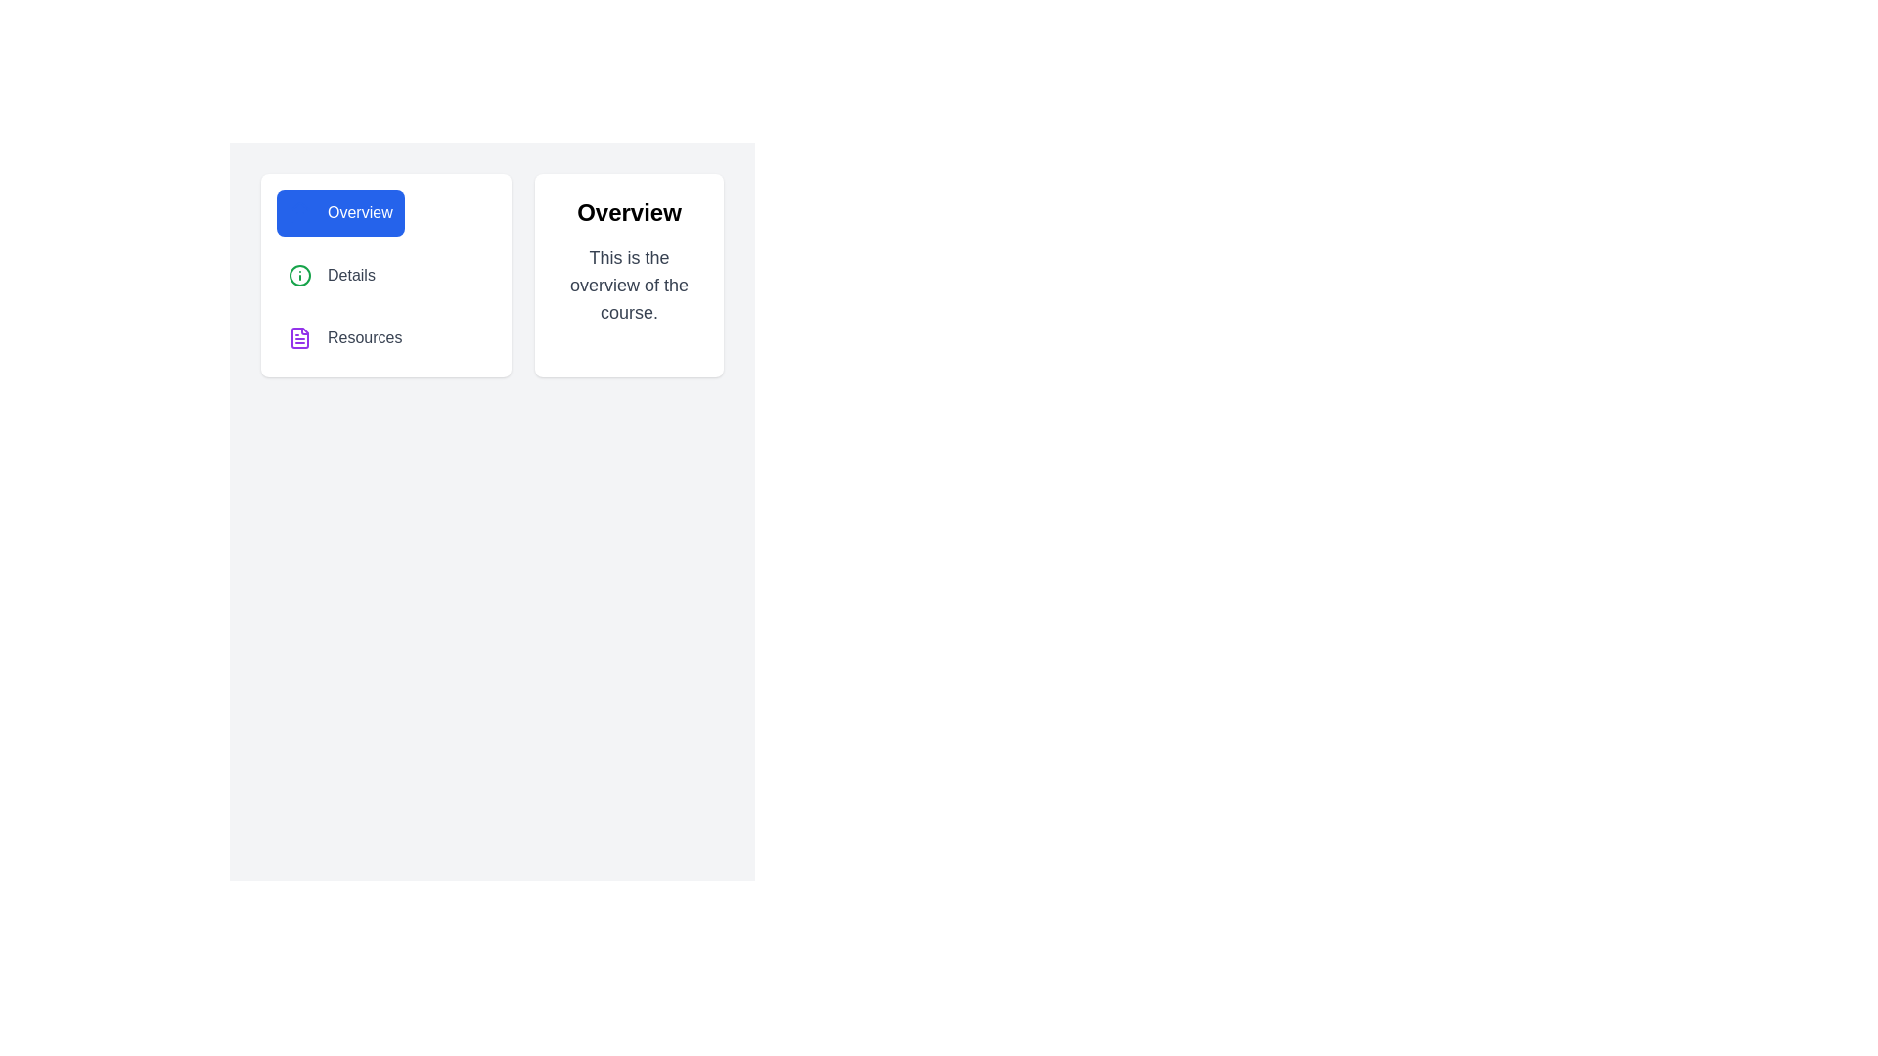  Describe the element at coordinates (351, 275) in the screenshot. I see `the 'Details' text label, which is a dark gray sans-serif label positioned left of a green circular icon and is the second item in a vertical list of labeled icons` at that location.